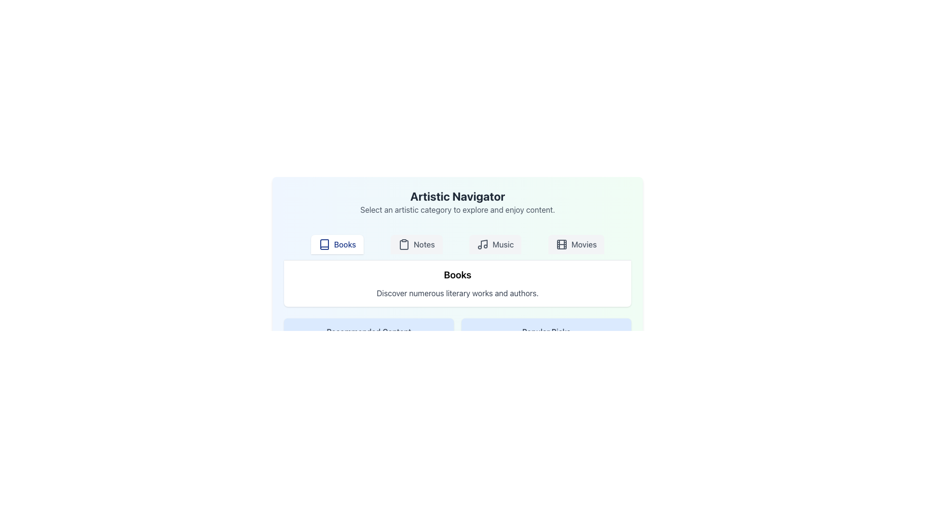  What do you see at coordinates (561, 244) in the screenshot?
I see `the film strip icon located within the 'Movies' category header, positioned to the left of the 'Movies' text label for accessibility purposes` at bounding box center [561, 244].